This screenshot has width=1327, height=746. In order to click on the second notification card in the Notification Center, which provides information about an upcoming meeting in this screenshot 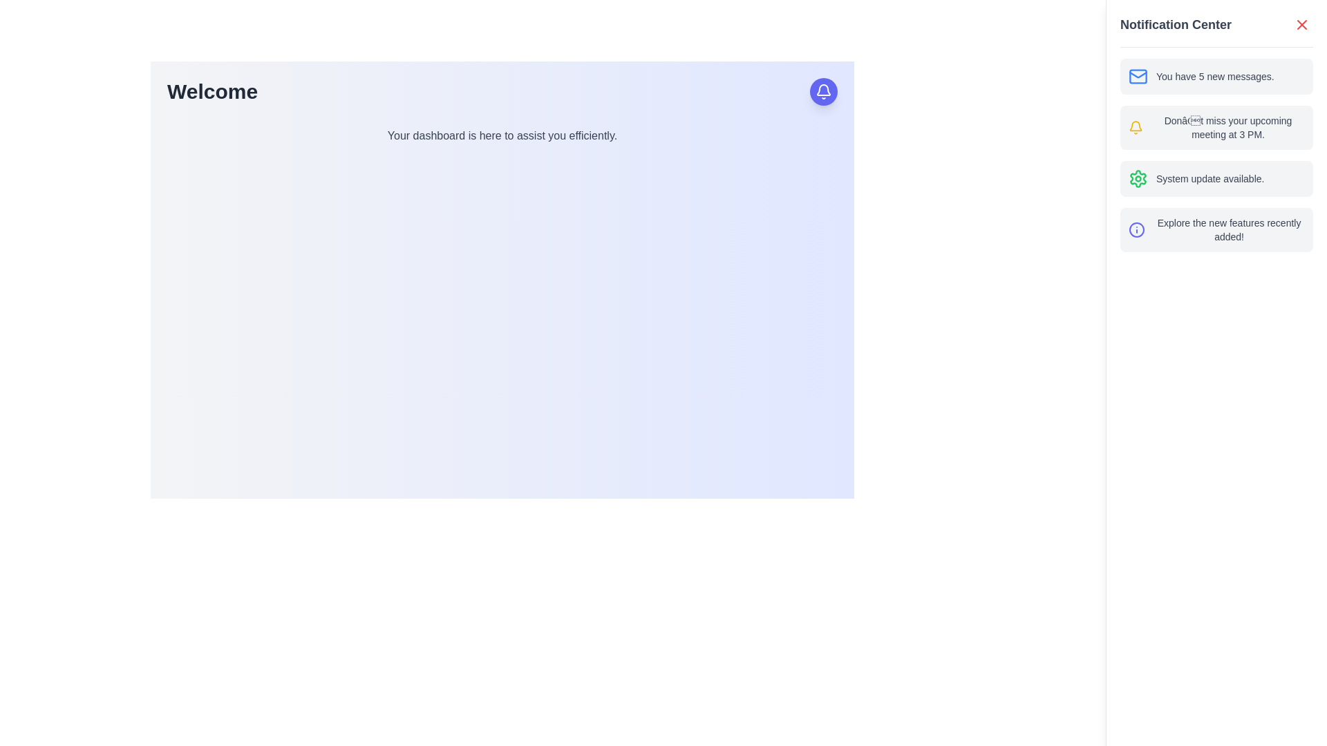, I will do `click(1216, 128)`.